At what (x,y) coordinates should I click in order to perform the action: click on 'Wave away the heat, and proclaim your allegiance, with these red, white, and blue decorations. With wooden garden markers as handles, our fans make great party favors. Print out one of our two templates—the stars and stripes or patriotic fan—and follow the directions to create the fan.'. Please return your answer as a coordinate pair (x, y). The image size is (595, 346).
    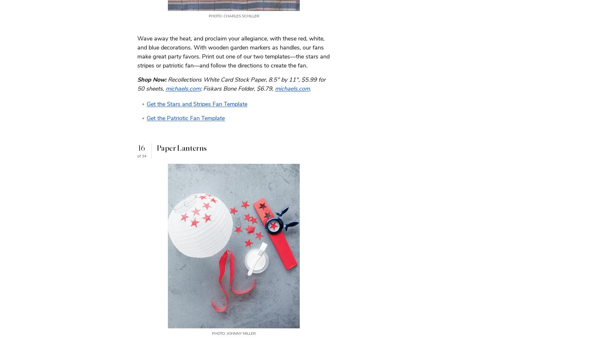
    Looking at the image, I should click on (137, 52).